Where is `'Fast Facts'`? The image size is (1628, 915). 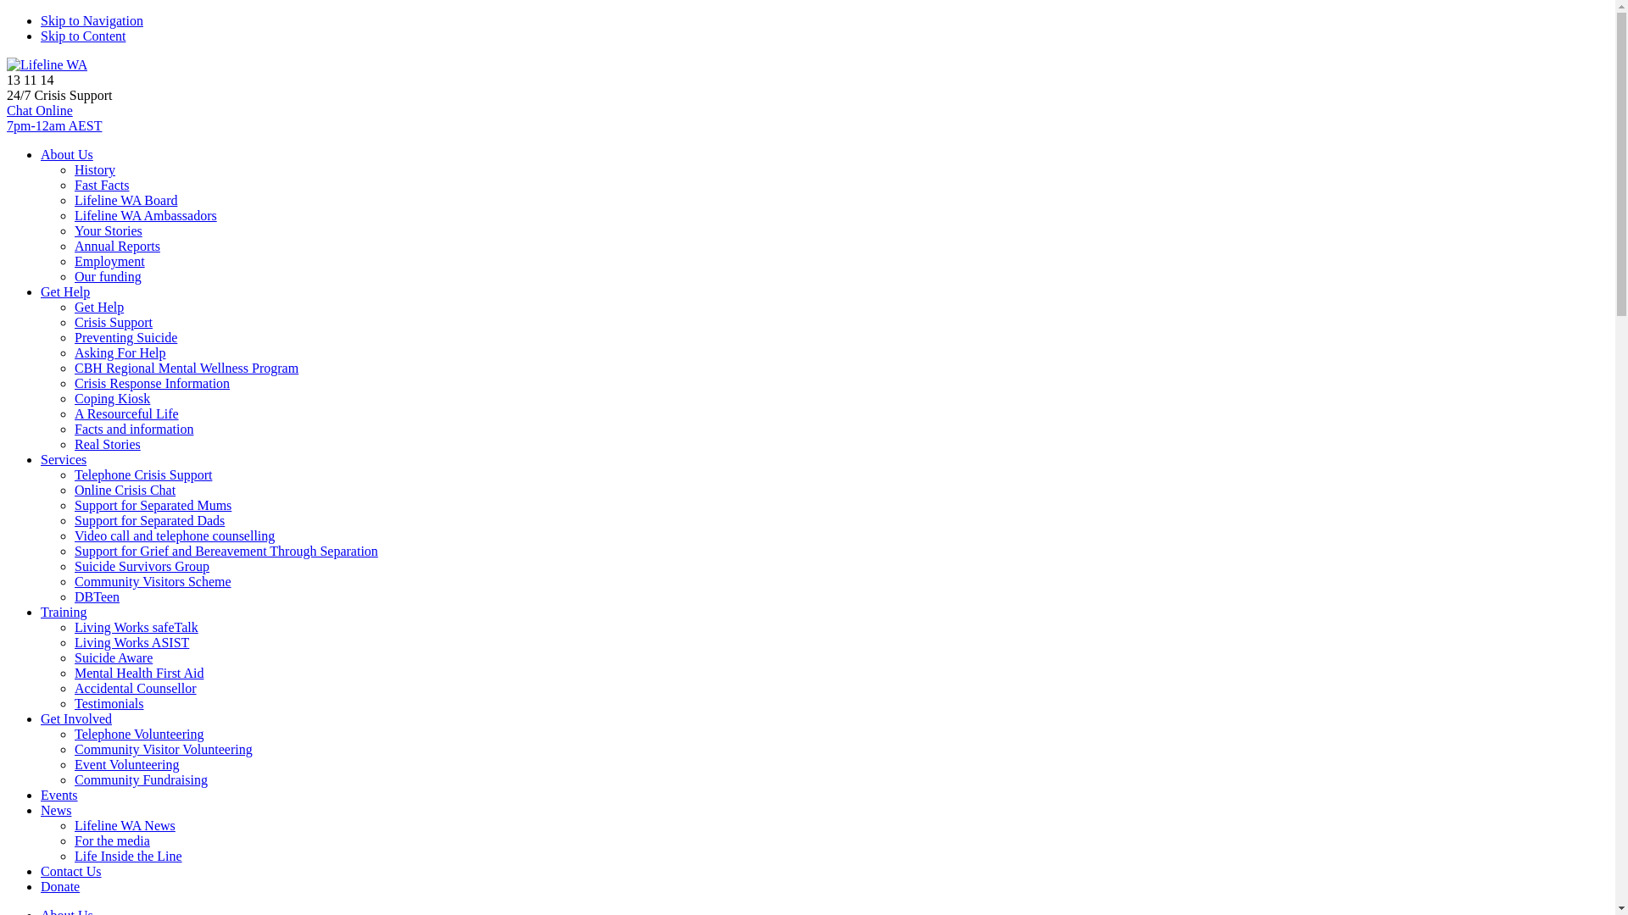 'Fast Facts' is located at coordinates (101, 185).